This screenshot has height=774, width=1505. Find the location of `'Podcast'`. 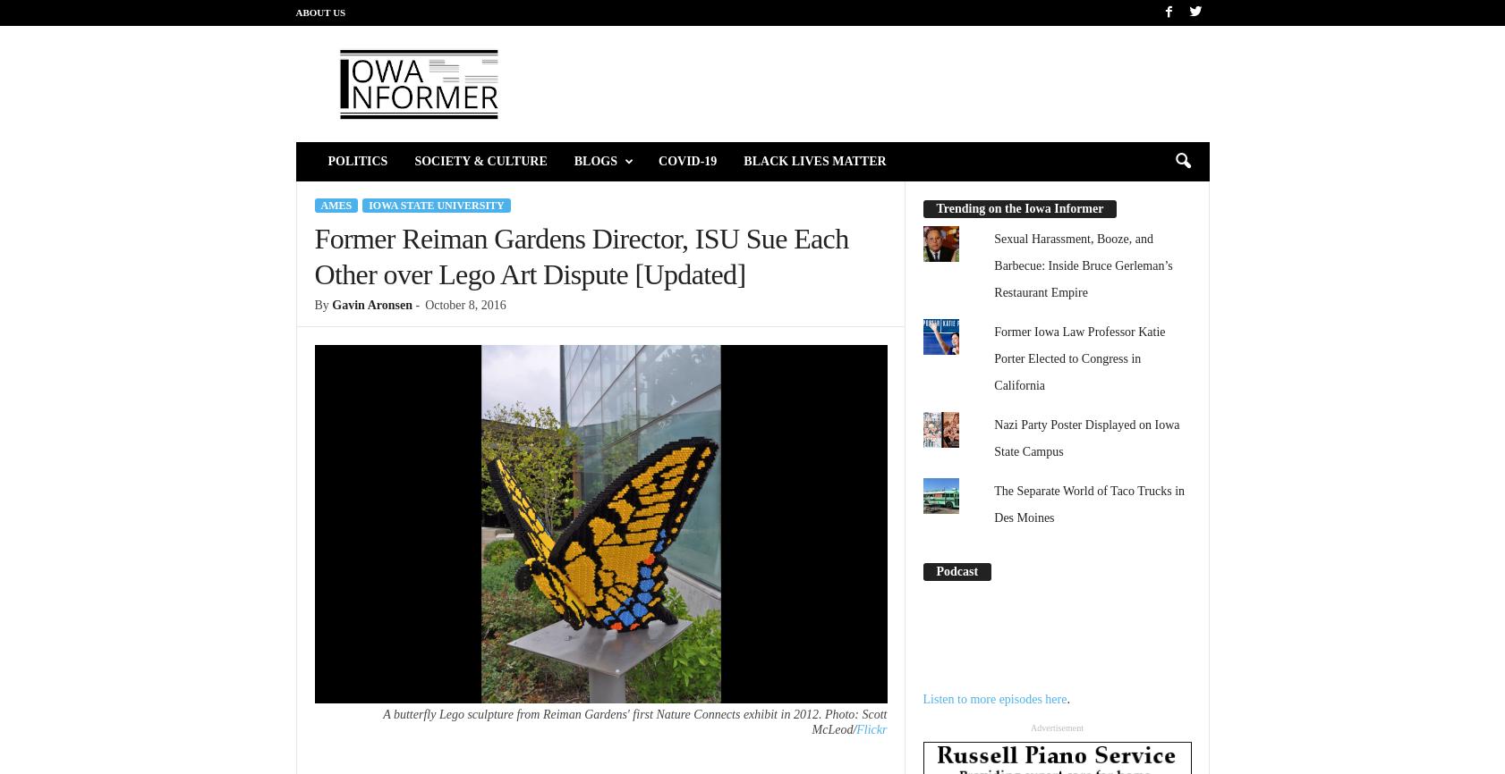

'Podcast' is located at coordinates (956, 570).